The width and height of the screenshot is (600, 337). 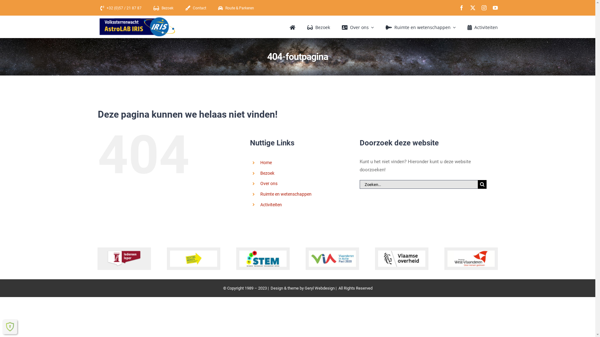 What do you see at coordinates (182, 8) in the screenshot?
I see `'Contact'` at bounding box center [182, 8].